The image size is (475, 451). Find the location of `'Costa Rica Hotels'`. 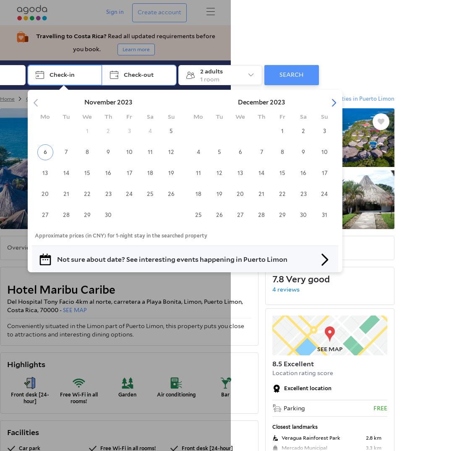

'Costa Rica Hotels' is located at coordinates (26, 98).